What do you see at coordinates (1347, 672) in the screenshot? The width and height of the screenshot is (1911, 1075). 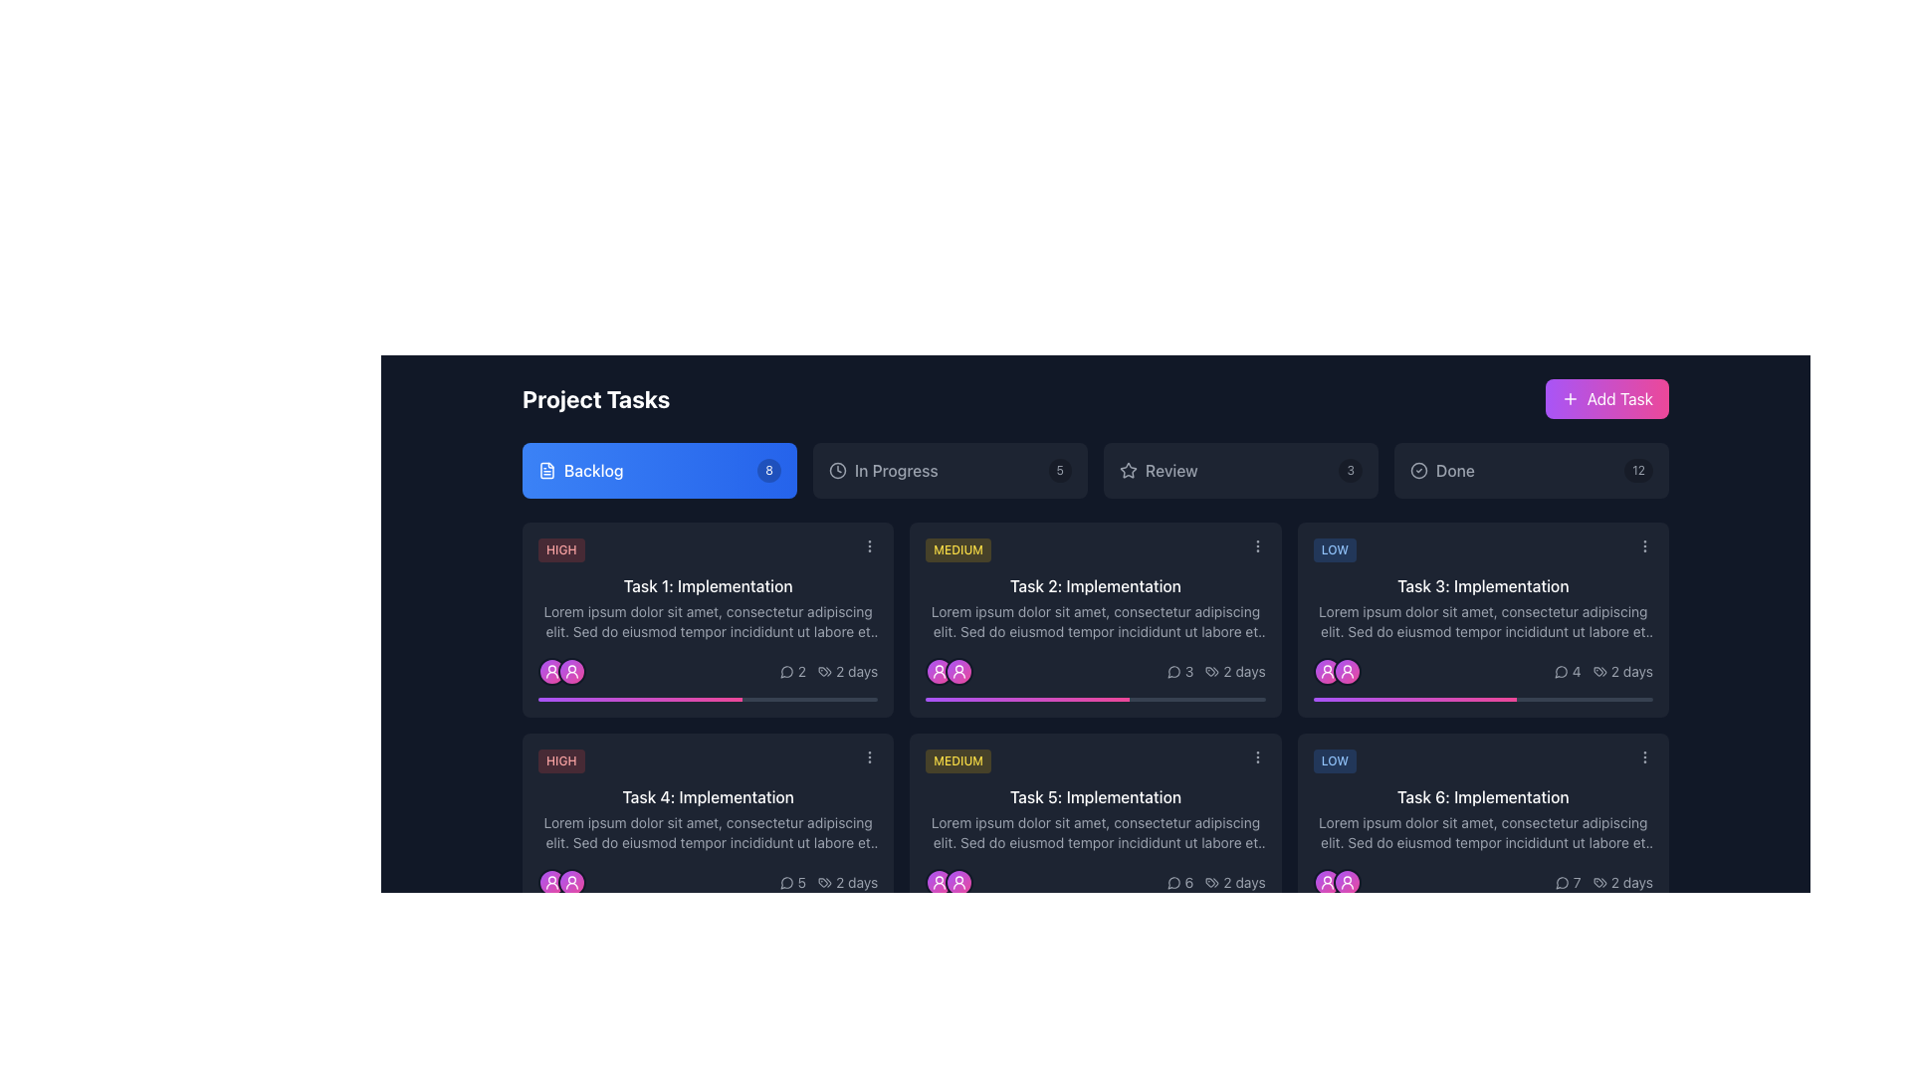 I see `the second circular avatar icon with a gradient background located under the card labeled 'Task 3: Implementation' in the 'Low Priority' column` at bounding box center [1347, 672].